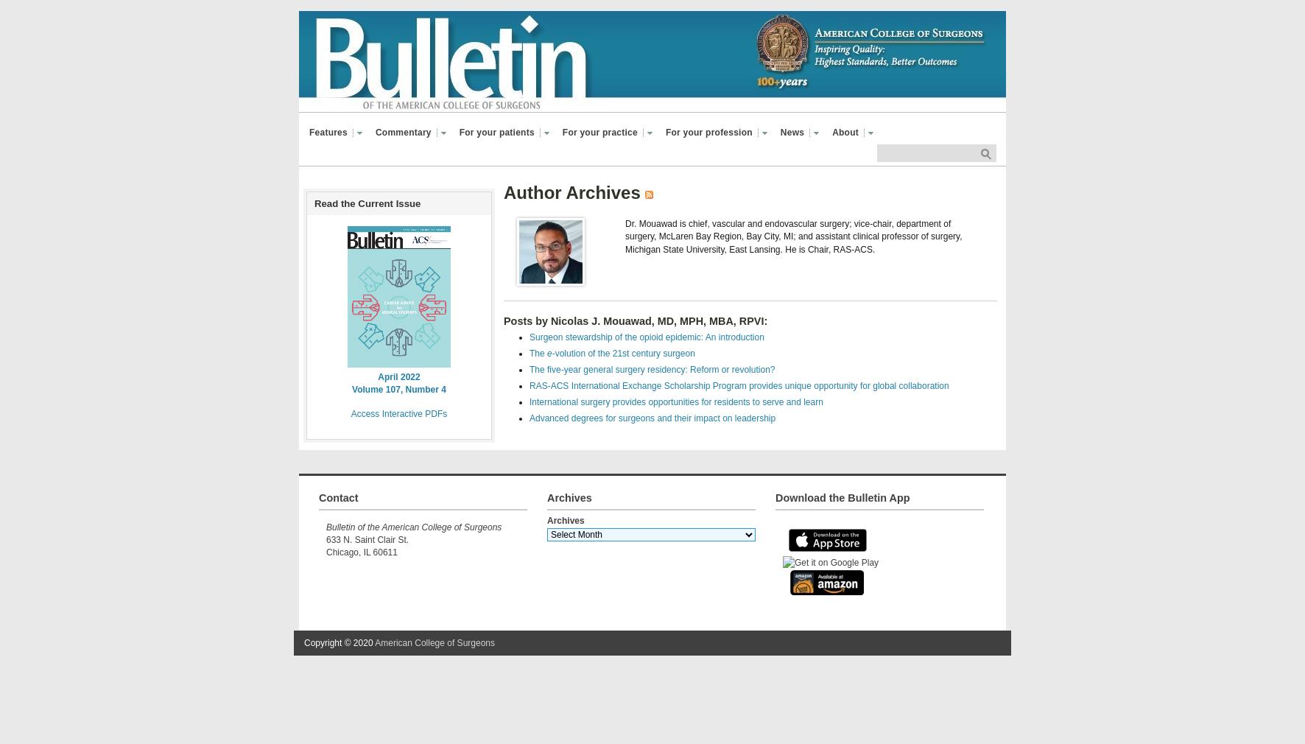  I want to click on 'Chicago, IL 60611', so click(361, 552).